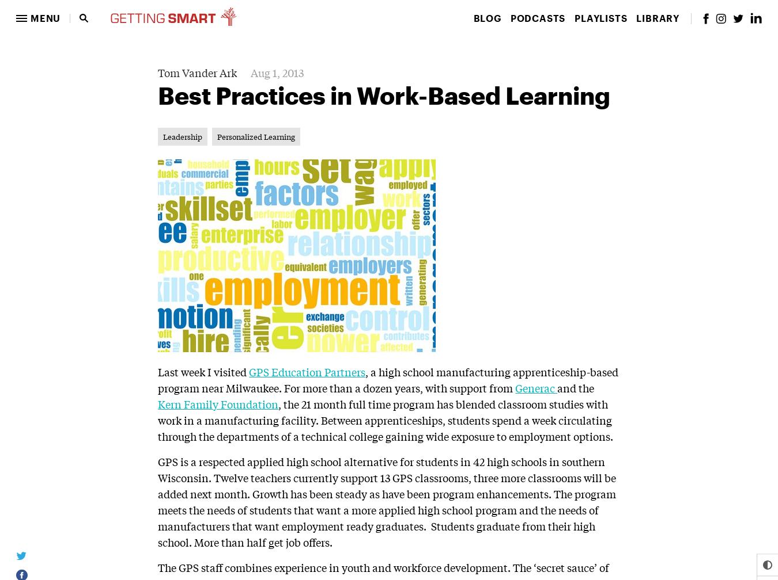 The image size is (778, 580). What do you see at coordinates (157, 403) in the screenshot?
I see `'Kern Family Foundation'` at bounding box center [157, 403].